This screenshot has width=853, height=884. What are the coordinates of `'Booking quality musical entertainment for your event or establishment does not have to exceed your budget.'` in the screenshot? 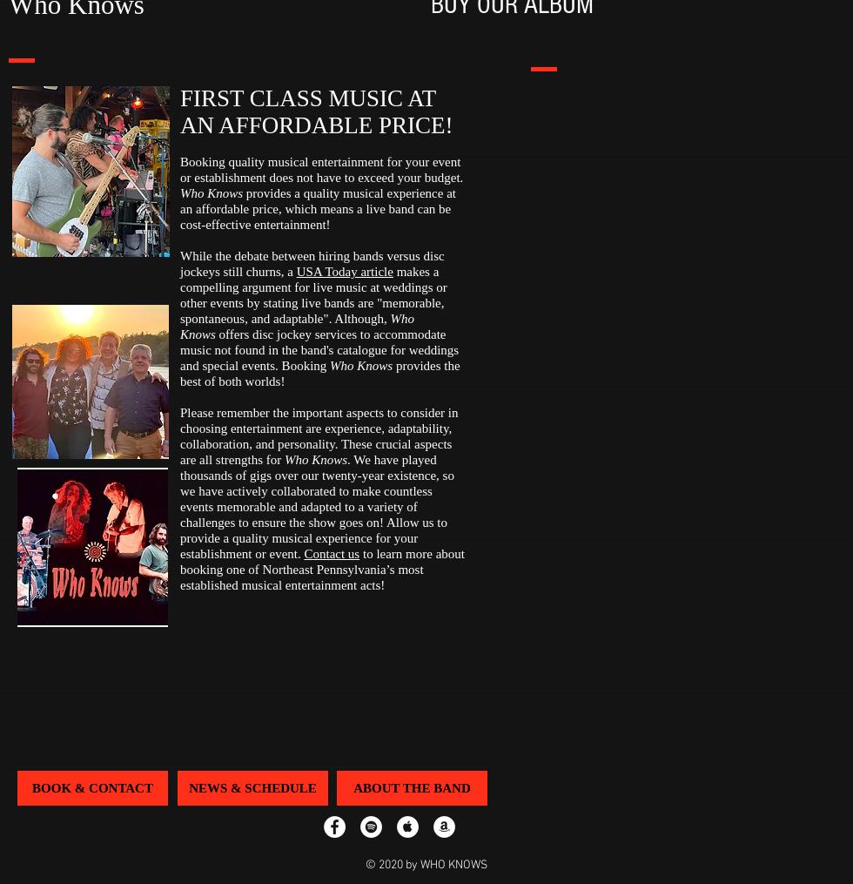 It's located at (179, 168).